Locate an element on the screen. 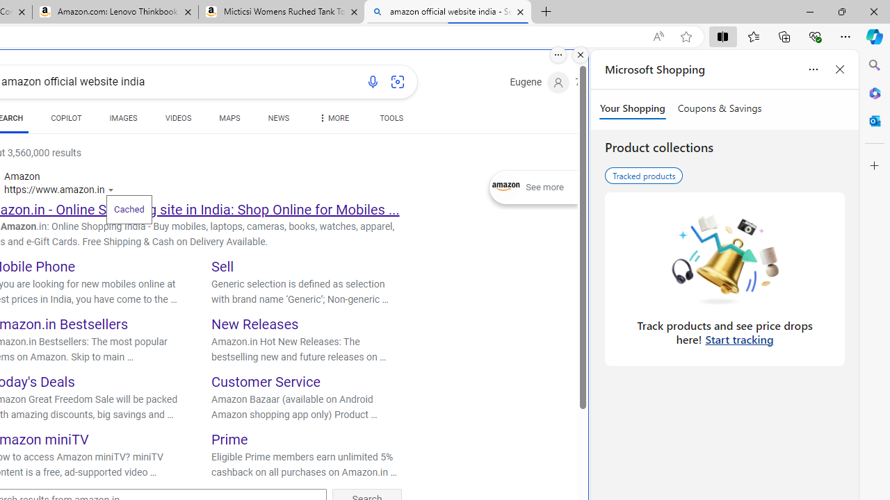 The image size is (890, 500). 'Split screen' is located at coordinates (723, 35).